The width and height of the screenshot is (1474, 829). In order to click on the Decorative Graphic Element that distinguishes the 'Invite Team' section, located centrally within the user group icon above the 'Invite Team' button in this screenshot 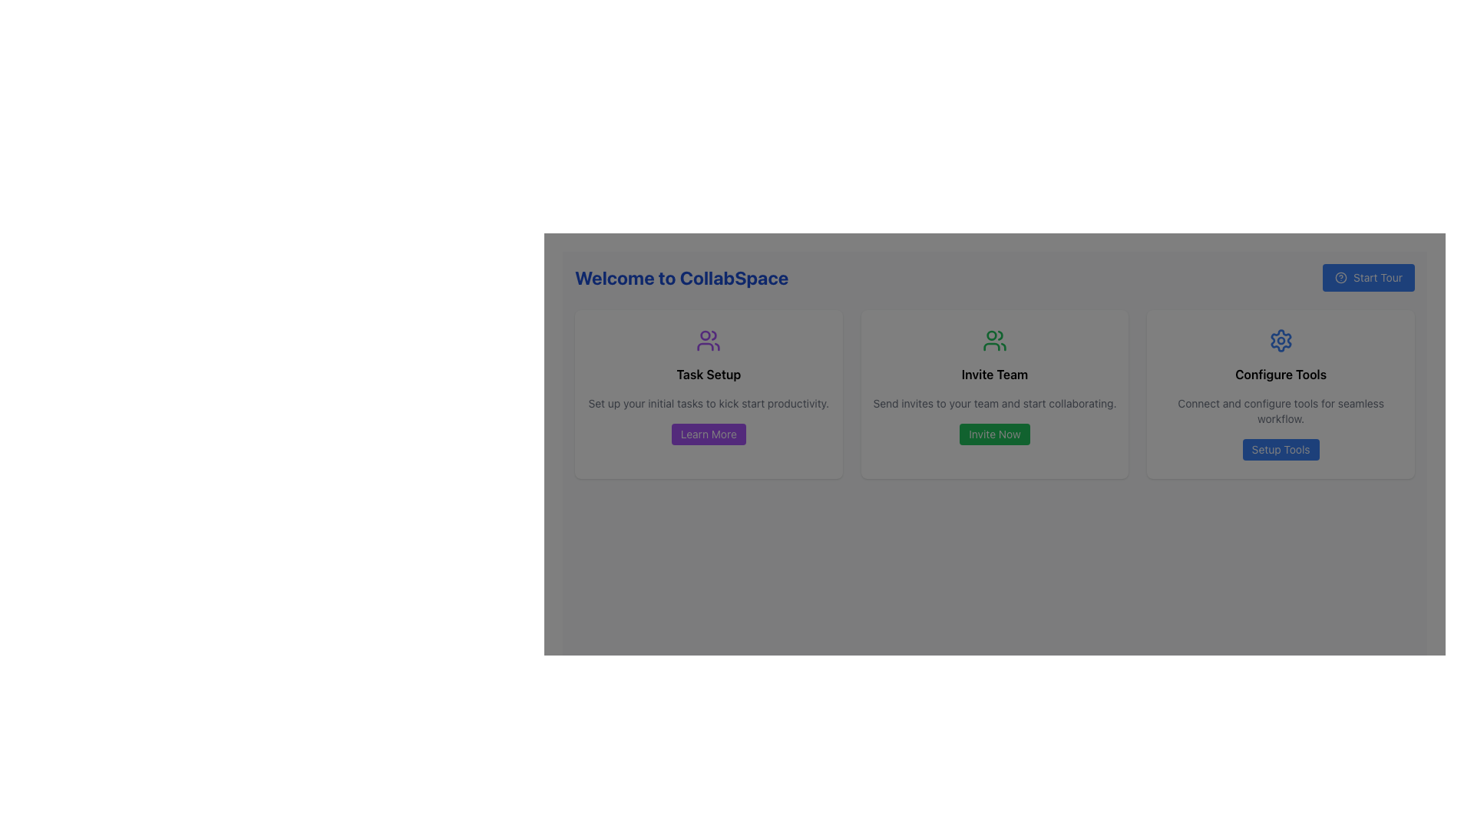, I will do `click(991, 335)`.